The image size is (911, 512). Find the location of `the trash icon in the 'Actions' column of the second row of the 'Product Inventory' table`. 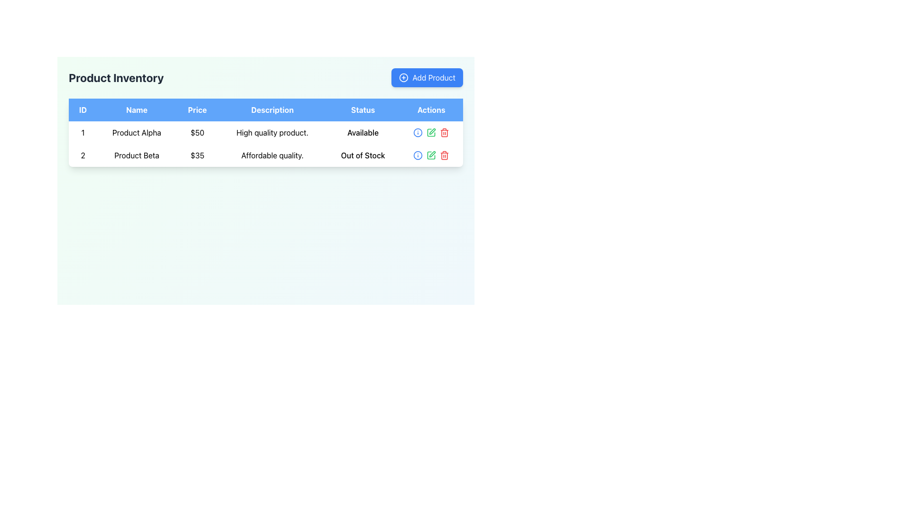

the trash icon in the 'Actions' column of the second row of the 'Product Inventory' table is located at coordinates (444, 133).